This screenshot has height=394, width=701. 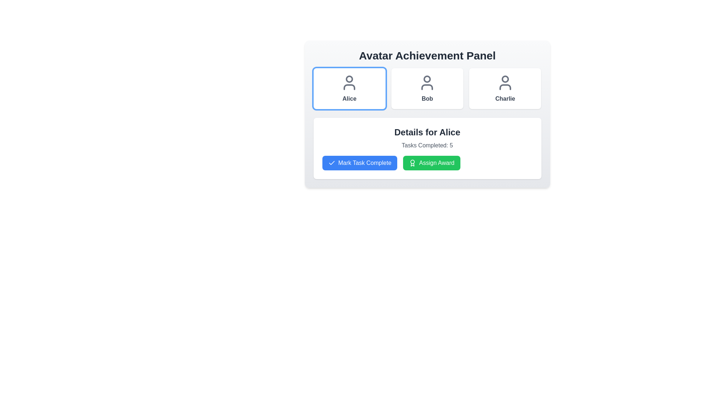 What do you see at coordinates (427, 98) in the screenshot?
I see `the text label displaying the name 'Bob' located at the bottom center of the card, below the user icon graphic` at bounding box center [427, 98].